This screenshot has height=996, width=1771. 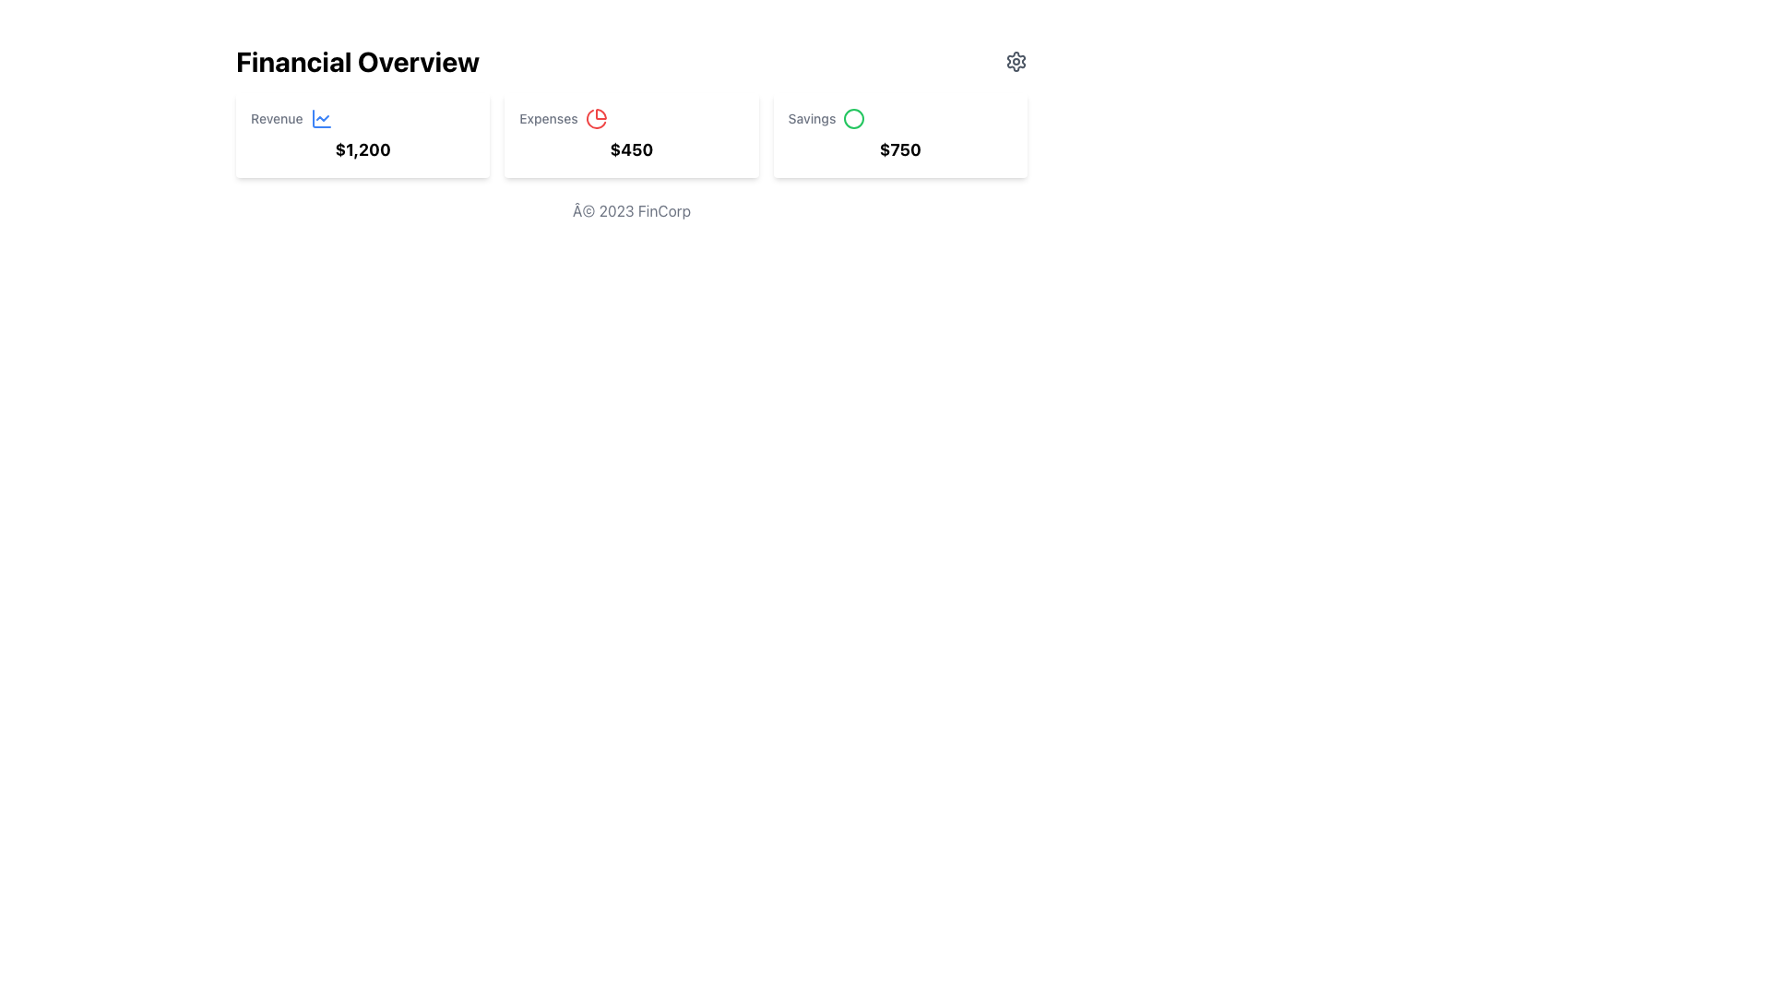 What do you see at coordinates (596, 118) in the screenshot?
I see `the red pie chart icon located next to the 'Expenses' label in the financial overview section` at bounding box center [596, 118].